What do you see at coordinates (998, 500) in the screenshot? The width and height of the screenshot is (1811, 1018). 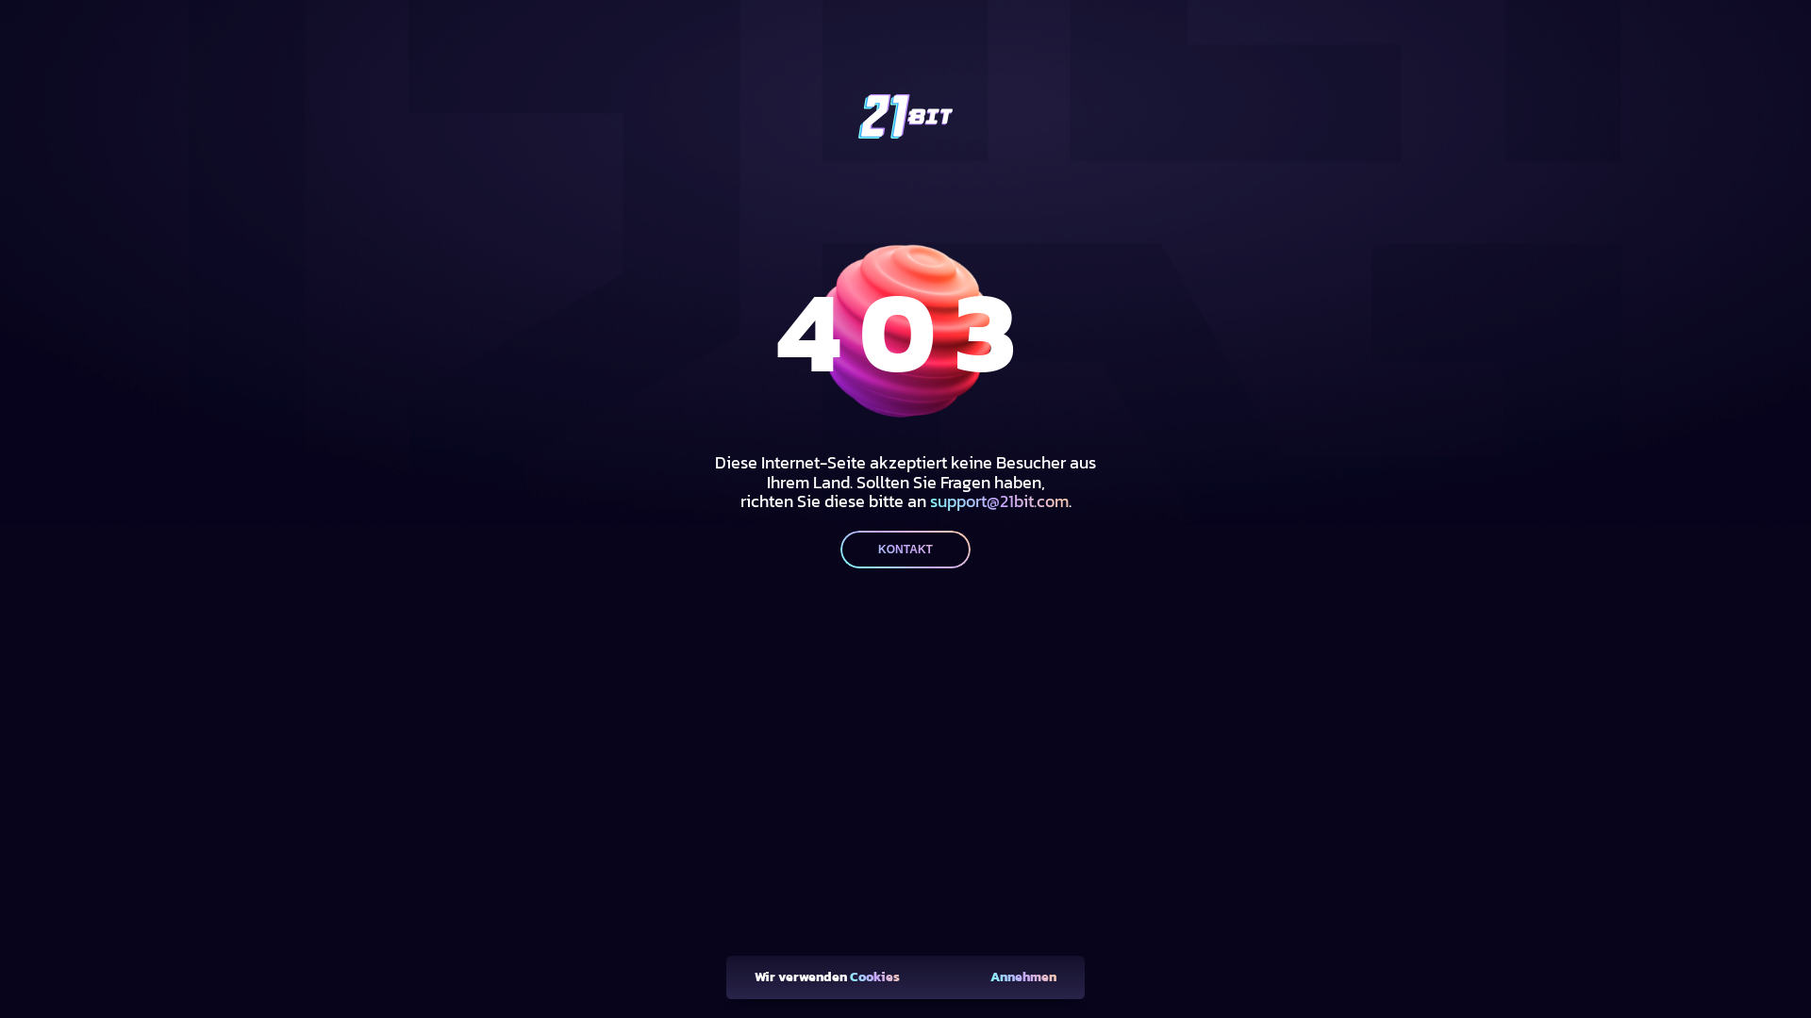 I see `'support@21bit.com'` at bounding box center [998, 500].